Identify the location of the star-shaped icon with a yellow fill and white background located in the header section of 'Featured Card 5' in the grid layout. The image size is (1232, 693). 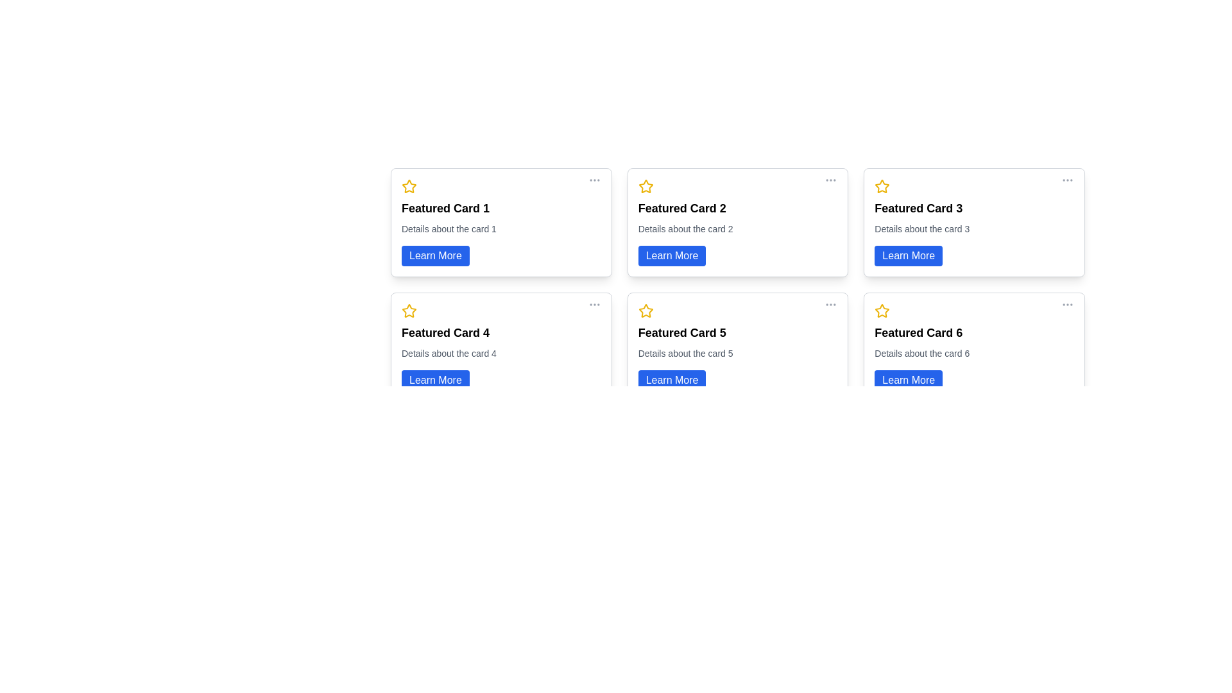
(646, 311).